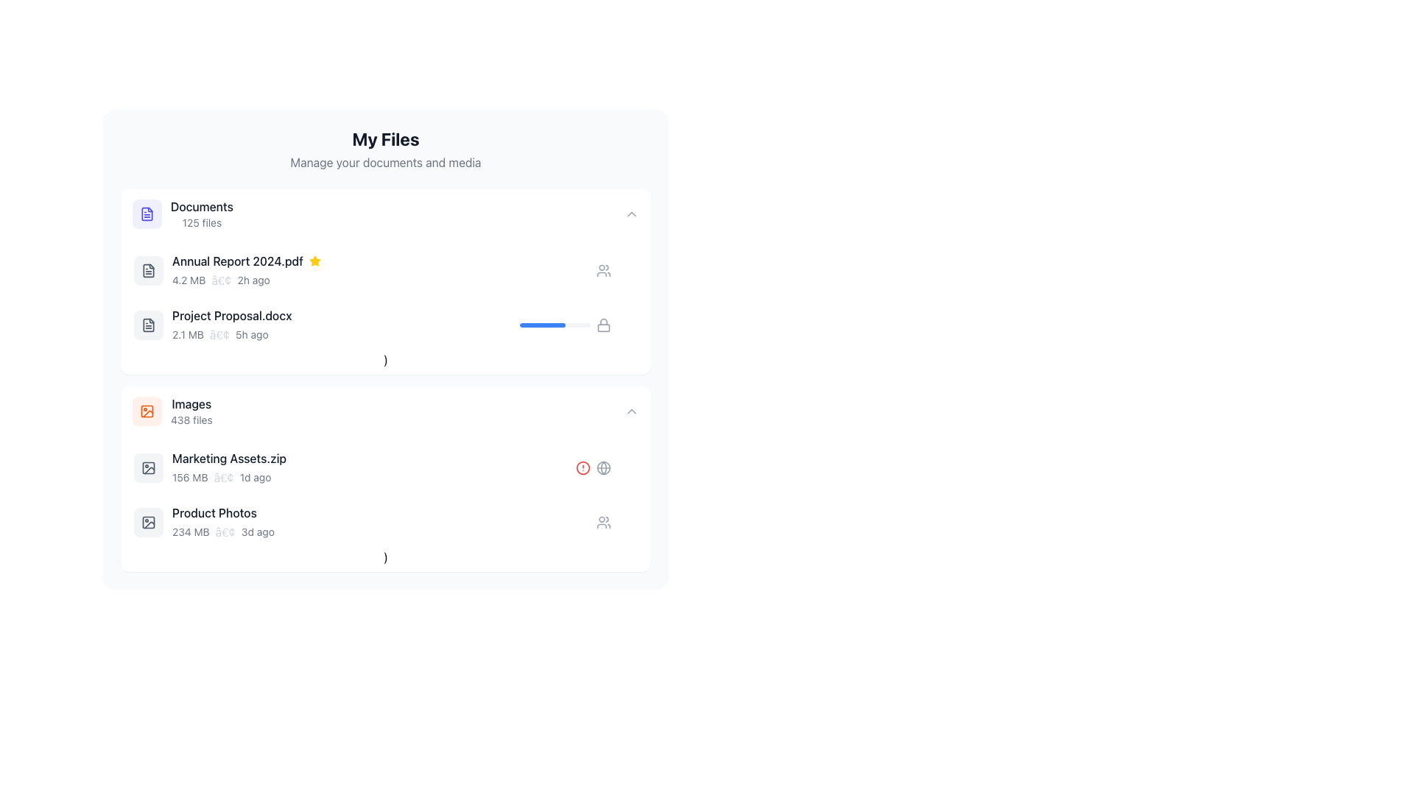 The image size is (1414, 795). What do you see at coordinates (148, 468) in the screenshot?
I see `the square icon with a gray background and a centered pictograph representing an image thumbnail, located to the left of 'Marketing Assets.zip' in the 'Images' section of the file list interface` at bounding box center [148, 468].